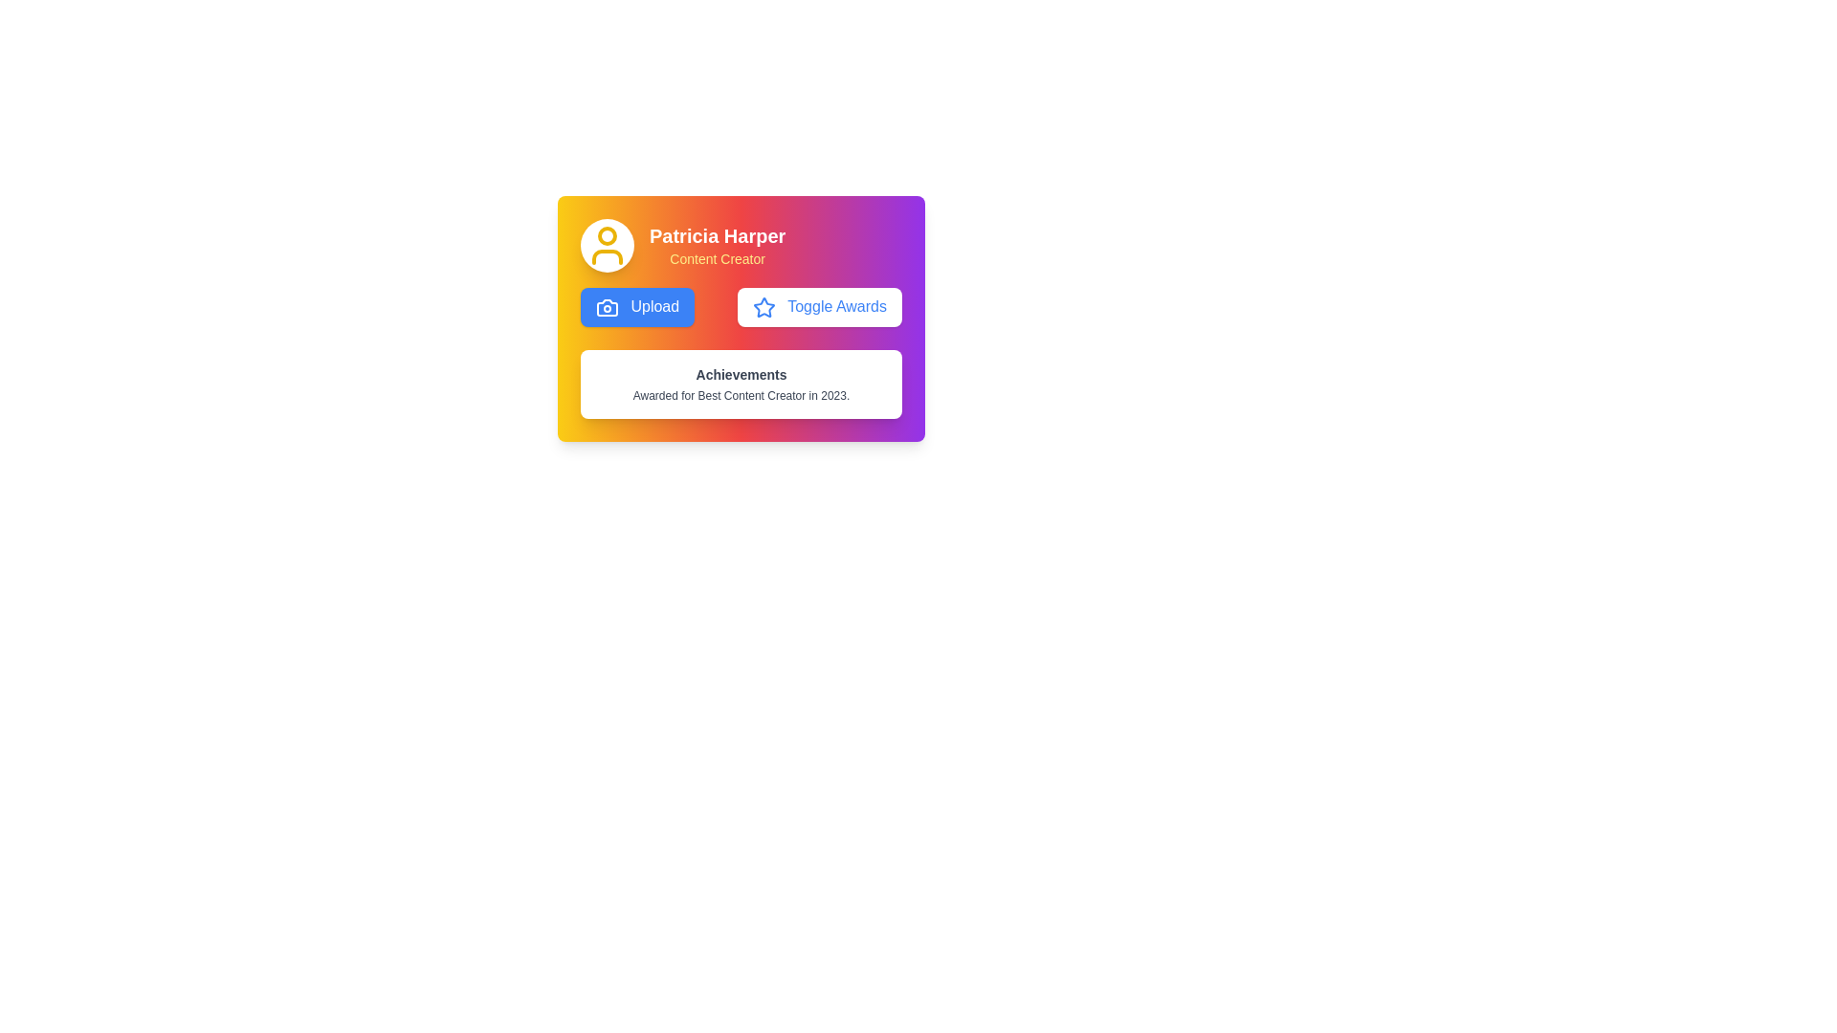 This screenshot has height=1033, width=1837. What do you see at coordinates (764, 306) in the screenshot?
I see `the visual styling of the star-shaped icon which is part of the 'Toggle Awards' button located on the right half beneath the profile section` at bounding box center [764, 306].